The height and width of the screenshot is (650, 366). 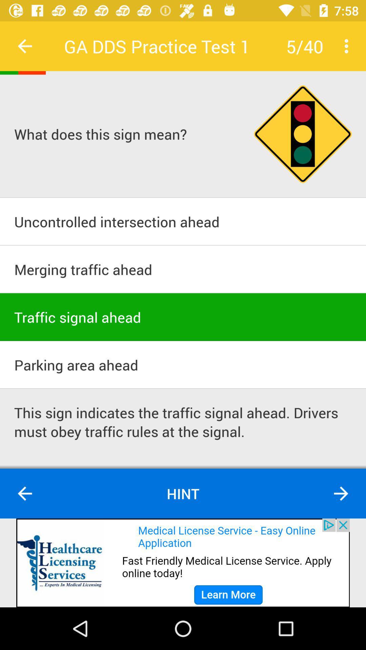 What do you see at coordinates (24, 46) in the screenshot?
I see `go back` at bounding box center [24, 46].